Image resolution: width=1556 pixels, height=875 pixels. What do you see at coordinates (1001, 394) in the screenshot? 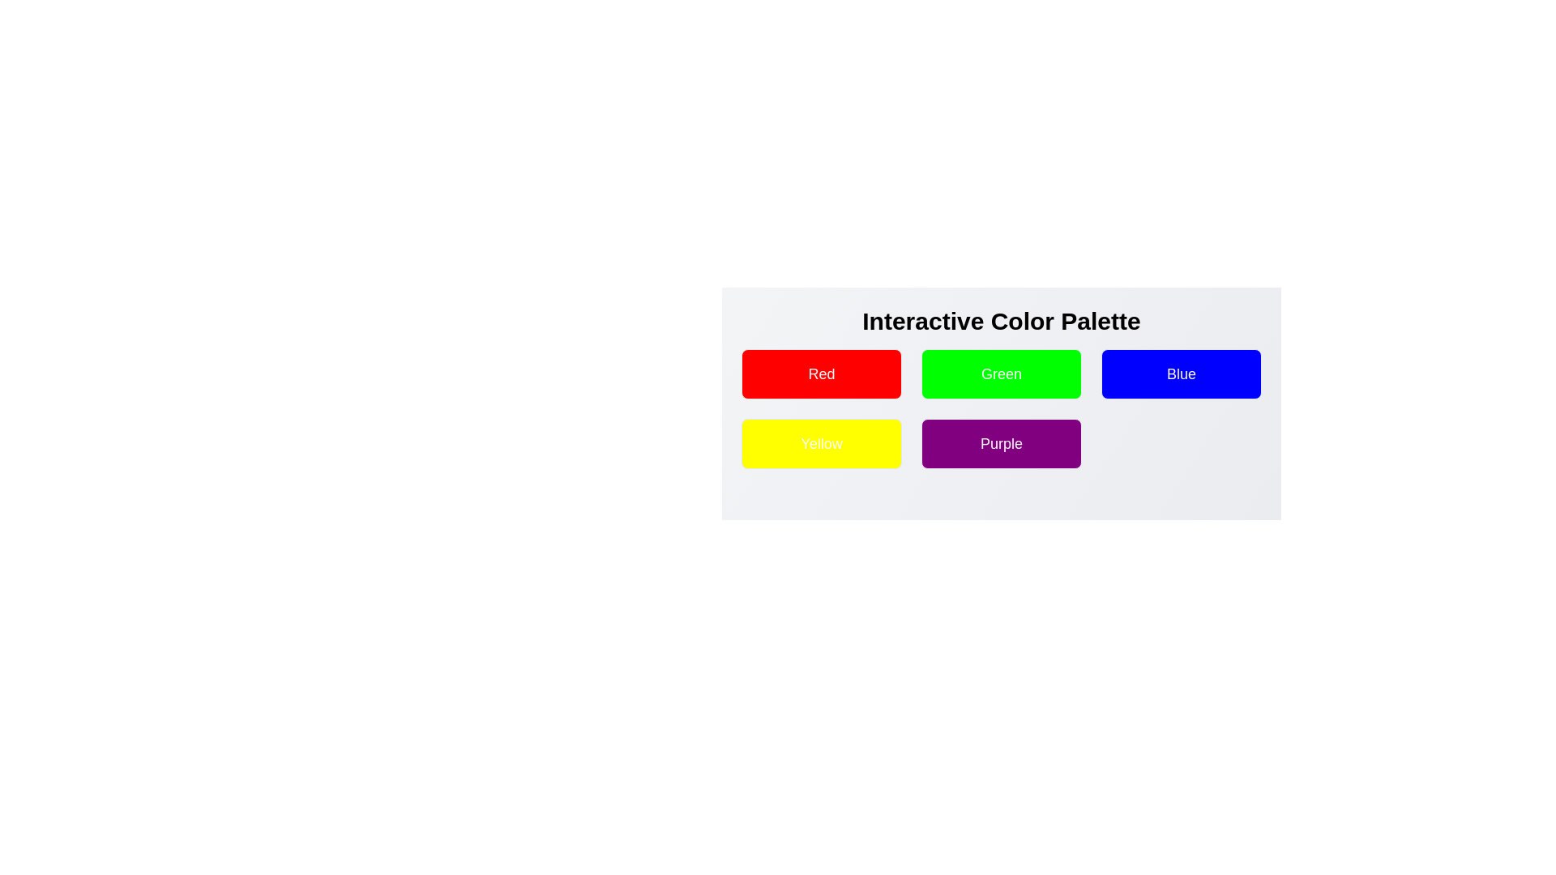
I see `the center of the green colored block in the Interactive Color Palette` at bounding box center [1001, 394].